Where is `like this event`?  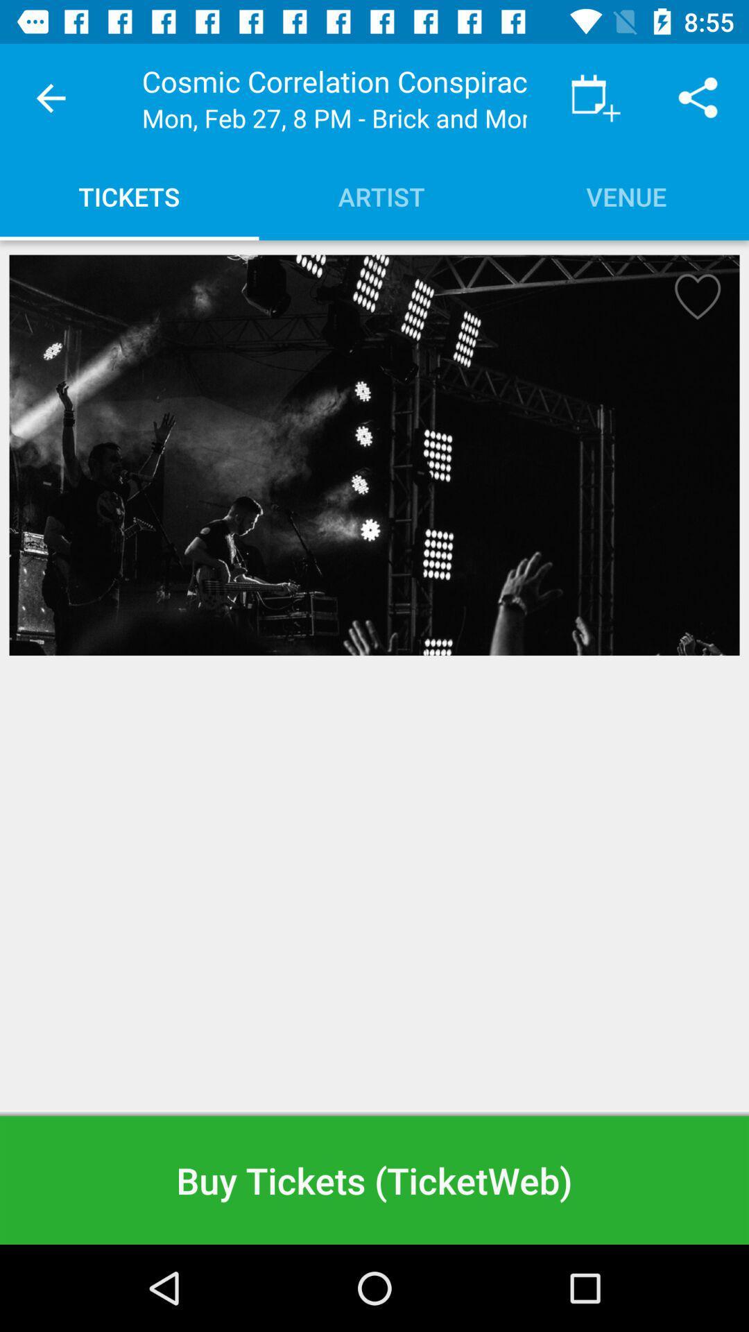
like this event is located at coordinates (693, 300).